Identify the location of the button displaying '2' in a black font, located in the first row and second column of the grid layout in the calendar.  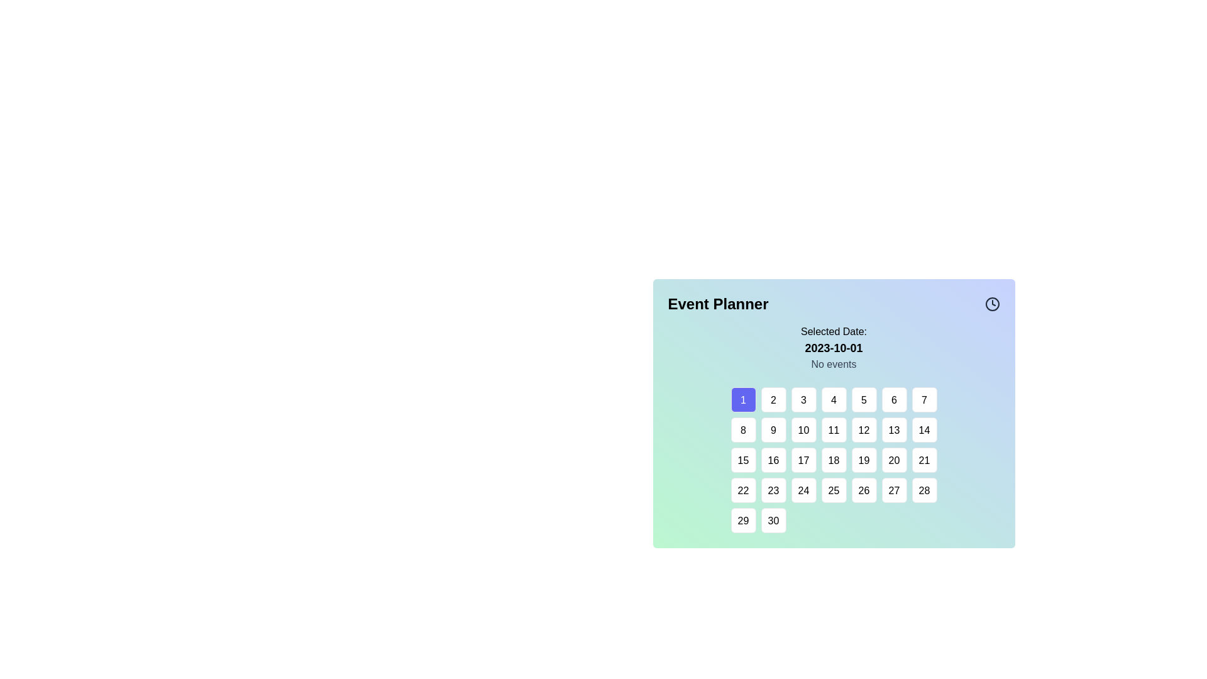
(773, 400).